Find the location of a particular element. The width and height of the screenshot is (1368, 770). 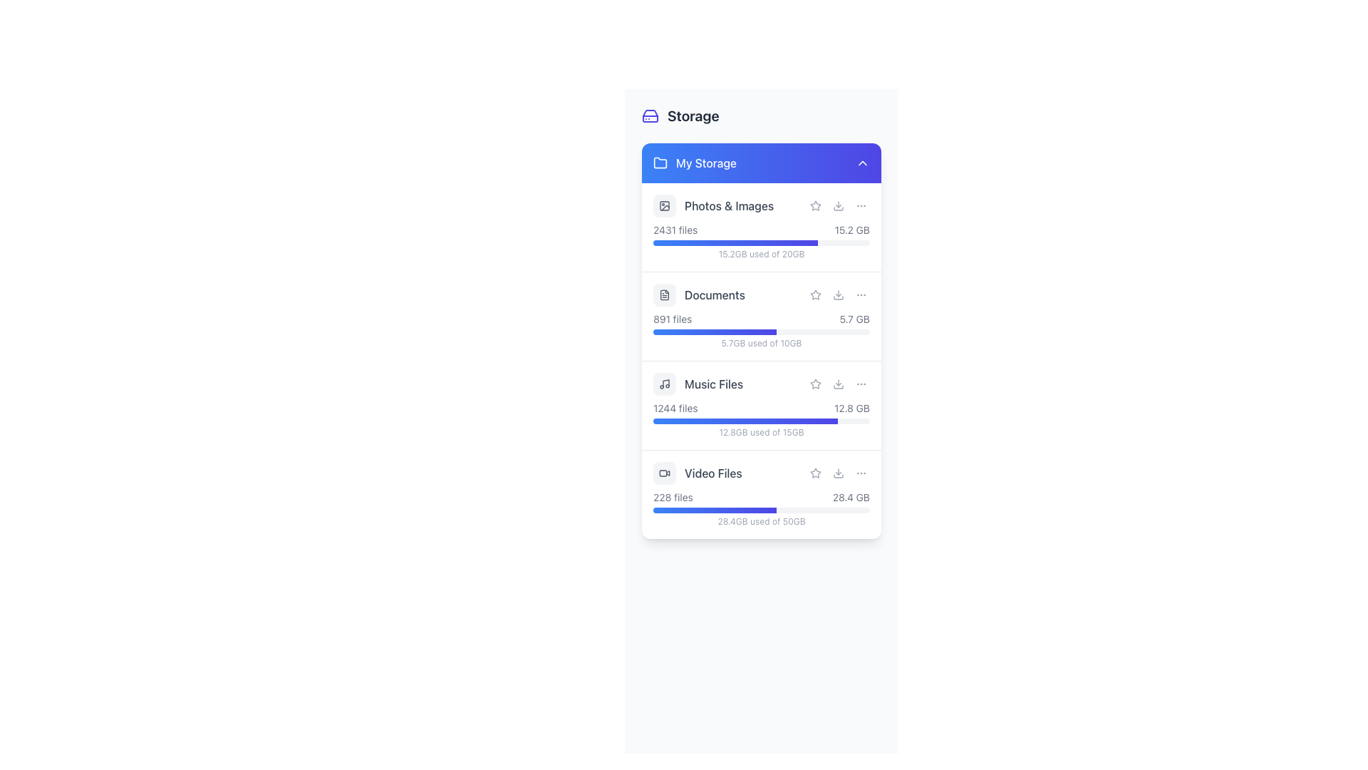

the download button represented by an SVG icon, located towards the right side of the 'Photos & Images' row in the storage list interface, to observe any style changes is located at coordinates (838, 206).